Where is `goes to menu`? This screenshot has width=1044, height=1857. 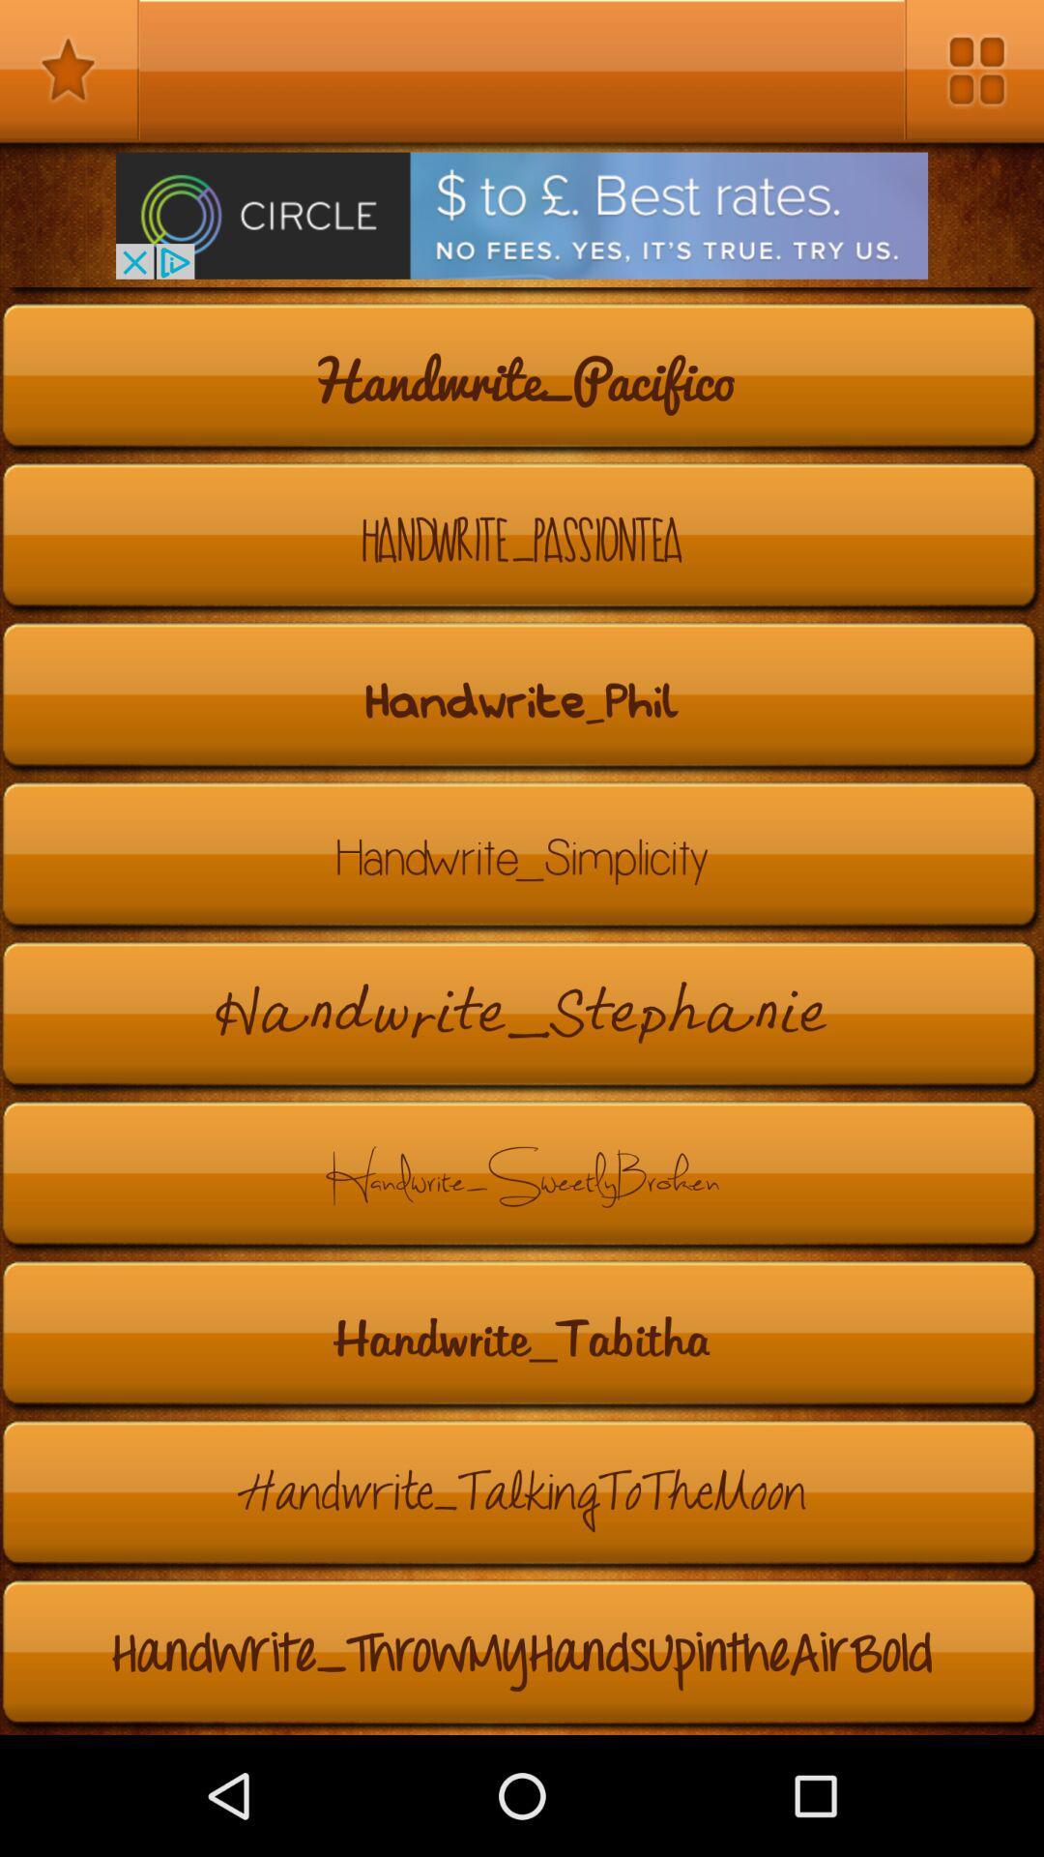 goes to menu is located at coordinates (973, 70).